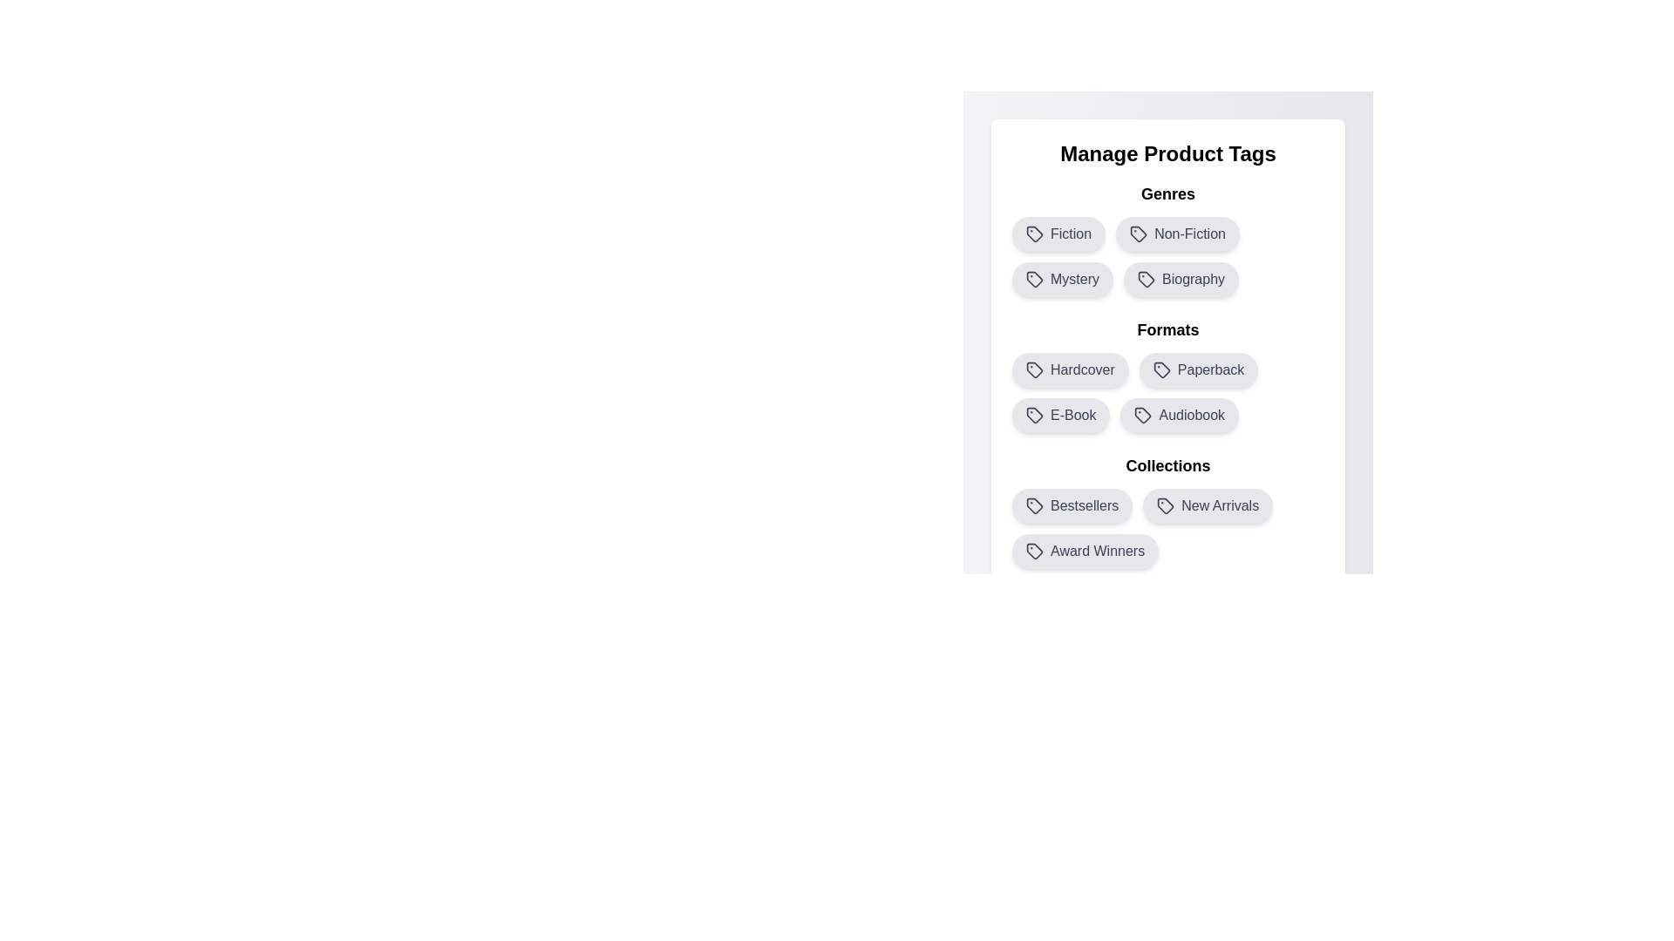 The height and width of the screenshot is (941, 1674). I want to click on the SVG tag icon located to the left of the 'New Arrivals' text within the rounded rectangular button in the 'Collections' section of the 'Manage Product Tags' interface, so click(1166, 506).